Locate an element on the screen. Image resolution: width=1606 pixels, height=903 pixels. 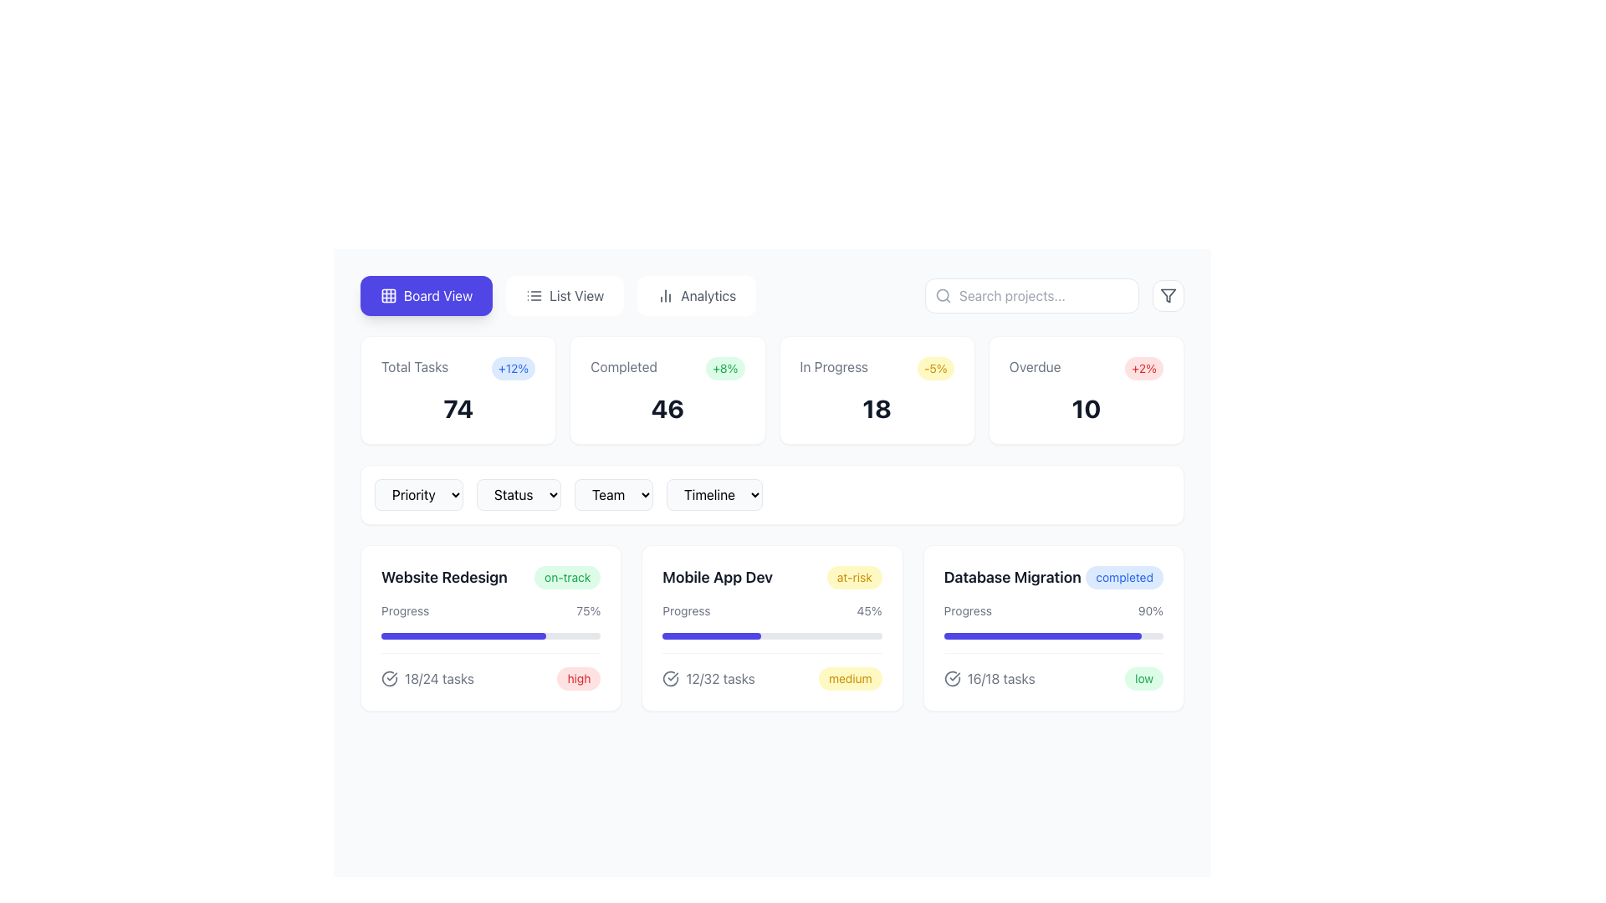
the visual progress represented by the progress bar located in the 'Database Migration' section, which shows 90% completion for the task is located at coordinates (1052, 635).